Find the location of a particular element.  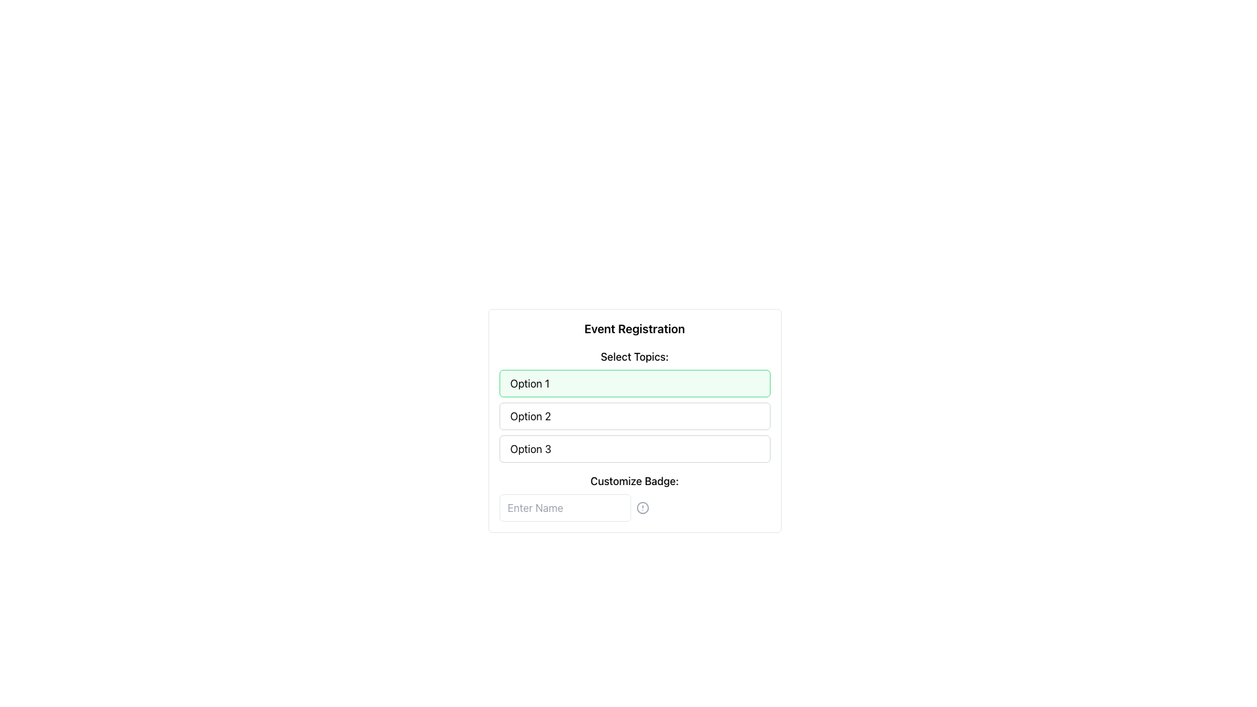

the 'Option 1' button is located at coordinates (634, 383).